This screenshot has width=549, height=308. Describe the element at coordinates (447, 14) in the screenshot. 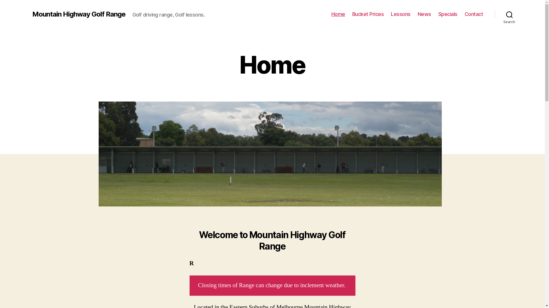

I see `'Specials'` at that location.